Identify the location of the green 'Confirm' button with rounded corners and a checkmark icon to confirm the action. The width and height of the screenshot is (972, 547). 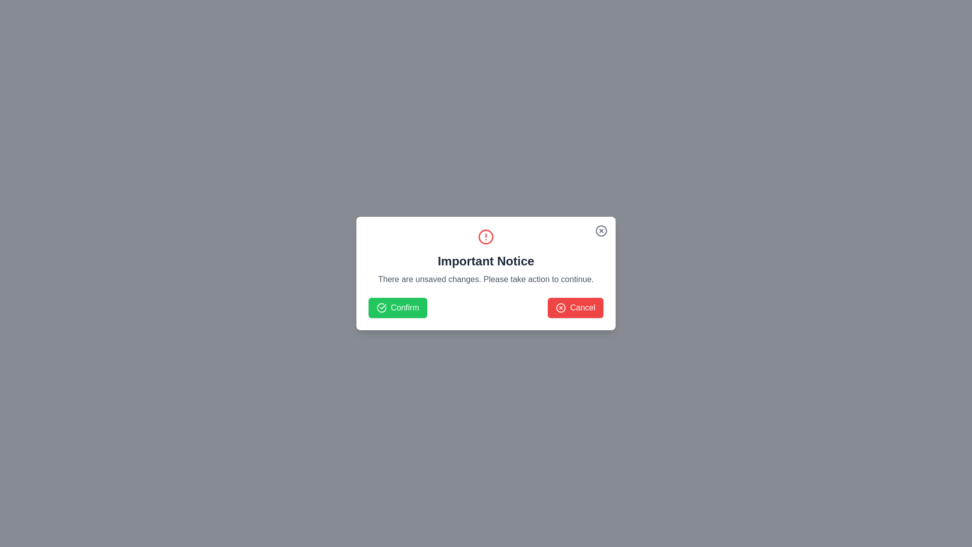
(397, 307).